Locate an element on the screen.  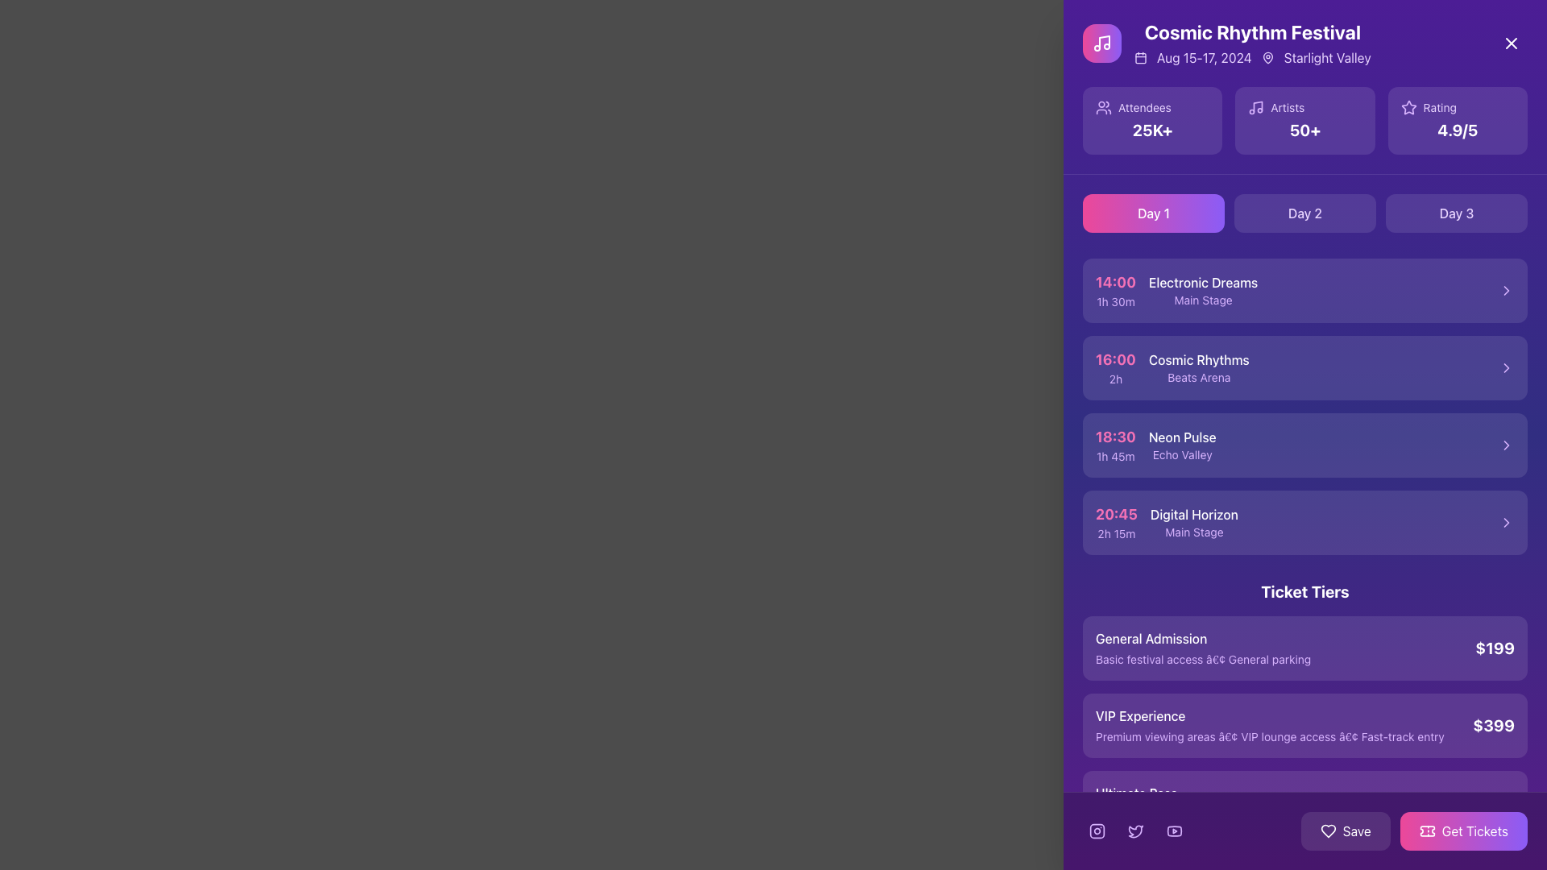
details of the General Admission ticket option, the first entry in the 'Ticket Tiers' section, which includes pricing and benefits is located at coordinates (1305, 648).